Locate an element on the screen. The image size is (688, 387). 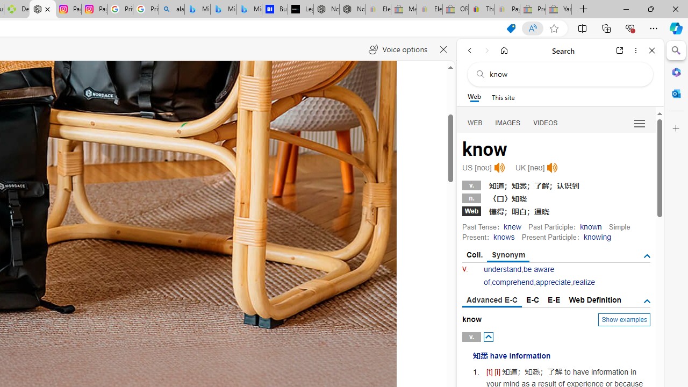
'Microsoft Bing Travel - Flights from Hong Kong to Bangkok' is located at coordinates (197, 9).